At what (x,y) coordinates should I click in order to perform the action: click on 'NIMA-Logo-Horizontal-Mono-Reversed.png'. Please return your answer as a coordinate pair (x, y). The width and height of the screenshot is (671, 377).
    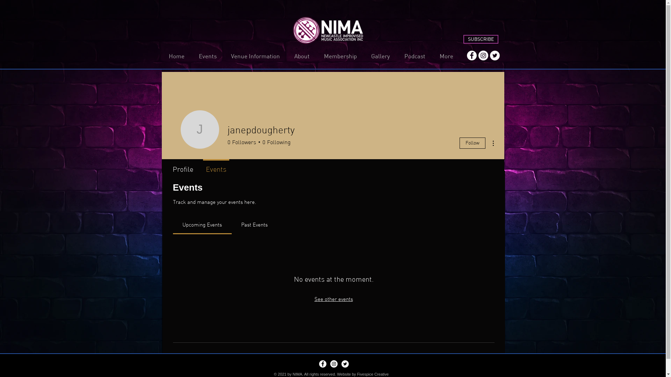
    Looking at the image, I should click on (327, 30).